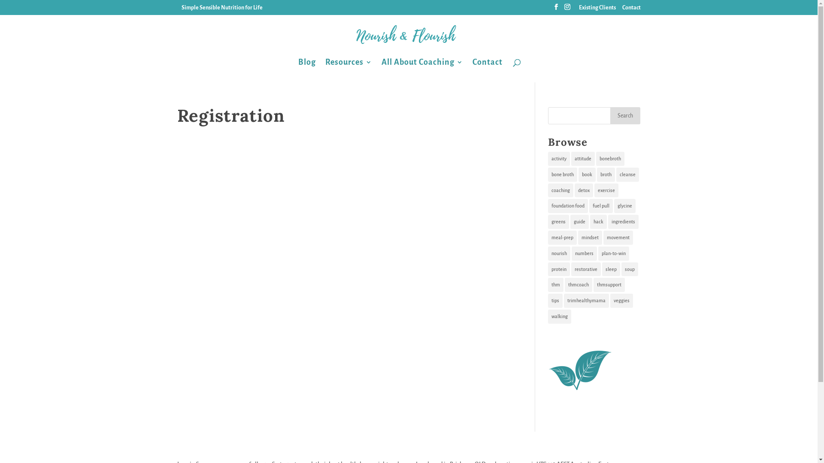 This screenshot has height=463, width=824. I want to click on 'movement', so click(618, 238).